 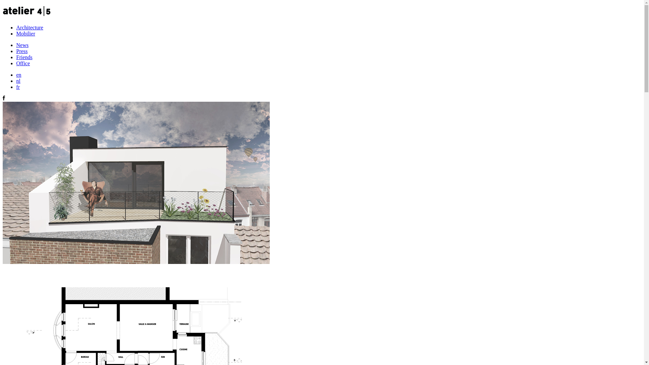 What do you see at coordinates (16, 75) in the screenshot?
I see `'en'` at bounding box center [16, 75].